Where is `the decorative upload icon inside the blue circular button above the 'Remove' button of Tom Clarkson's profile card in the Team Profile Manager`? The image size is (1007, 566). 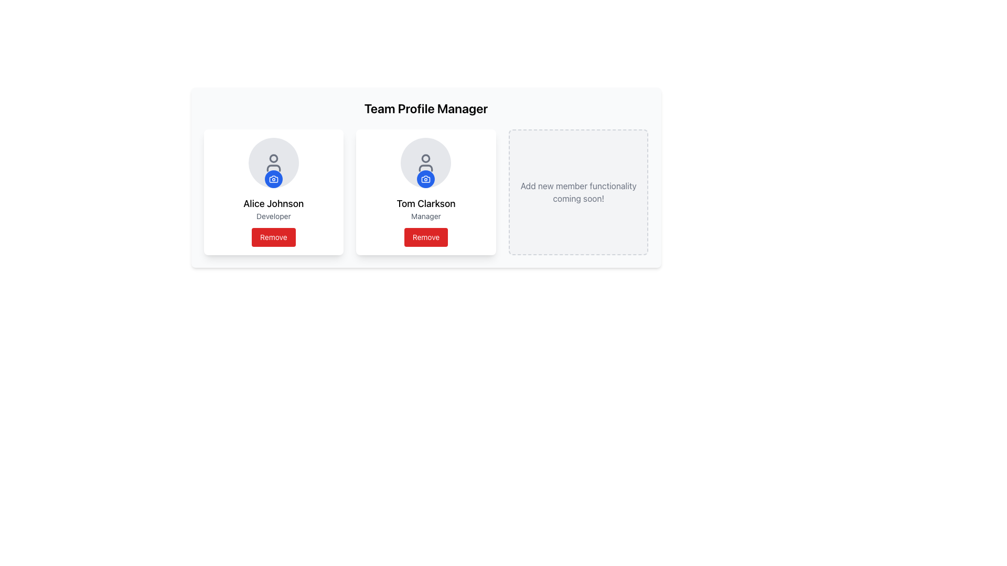 the decorative upload icon inside the blue circular button above the 'Remove' button of Tom Clarkson's profile card in the Team Profile Manager is located at coordinates (426, 179).